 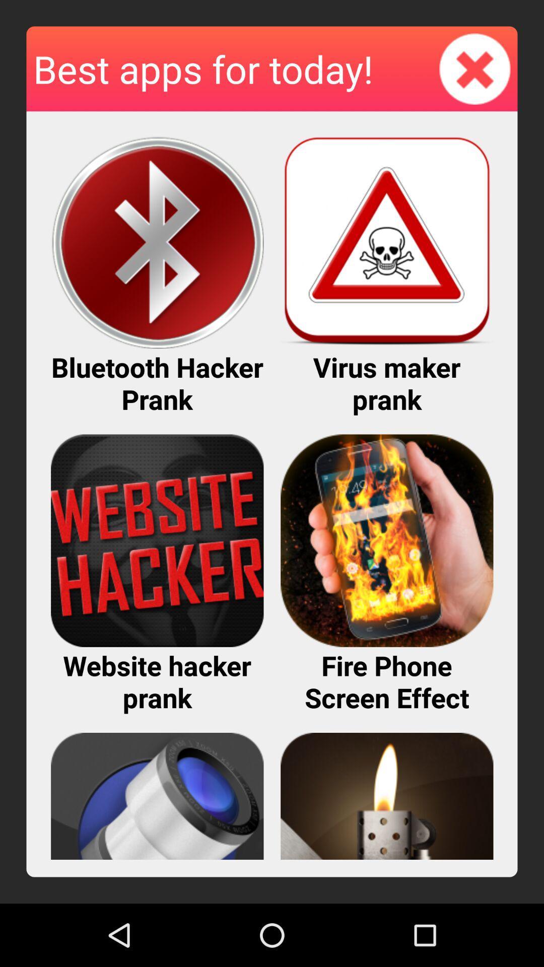 What do you see at coordinates (475, 73) in the screenshot?
I see `the close icon` at bounding box center [475, 73].